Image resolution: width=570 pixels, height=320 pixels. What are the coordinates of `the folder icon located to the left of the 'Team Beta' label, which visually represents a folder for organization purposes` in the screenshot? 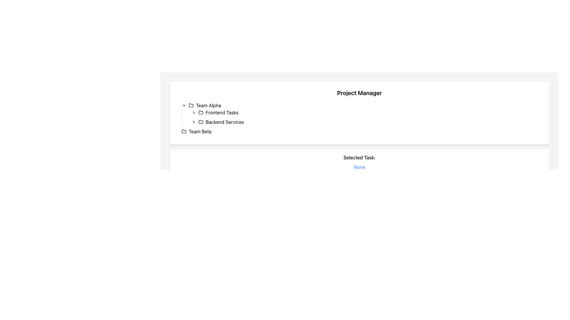 It's located at (183, 131).